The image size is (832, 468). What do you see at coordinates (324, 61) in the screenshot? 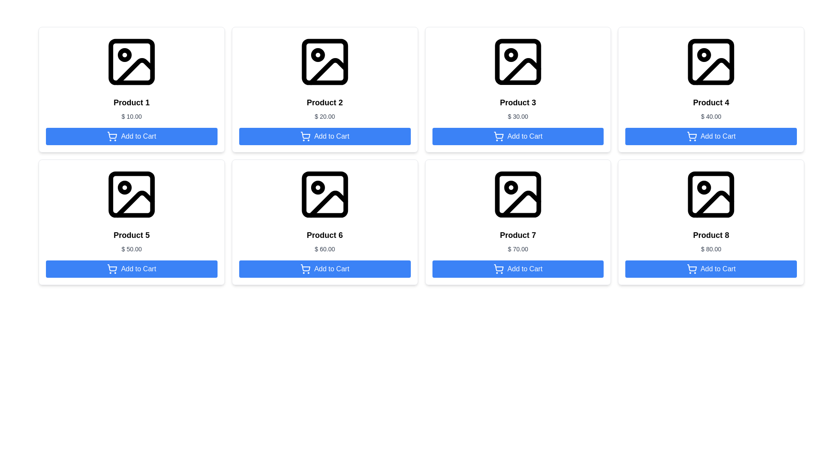
I see `the square-shaped image placeholder with rounded corners that represents an image preview for 'Product 2'` at bounding box center [324, 61].